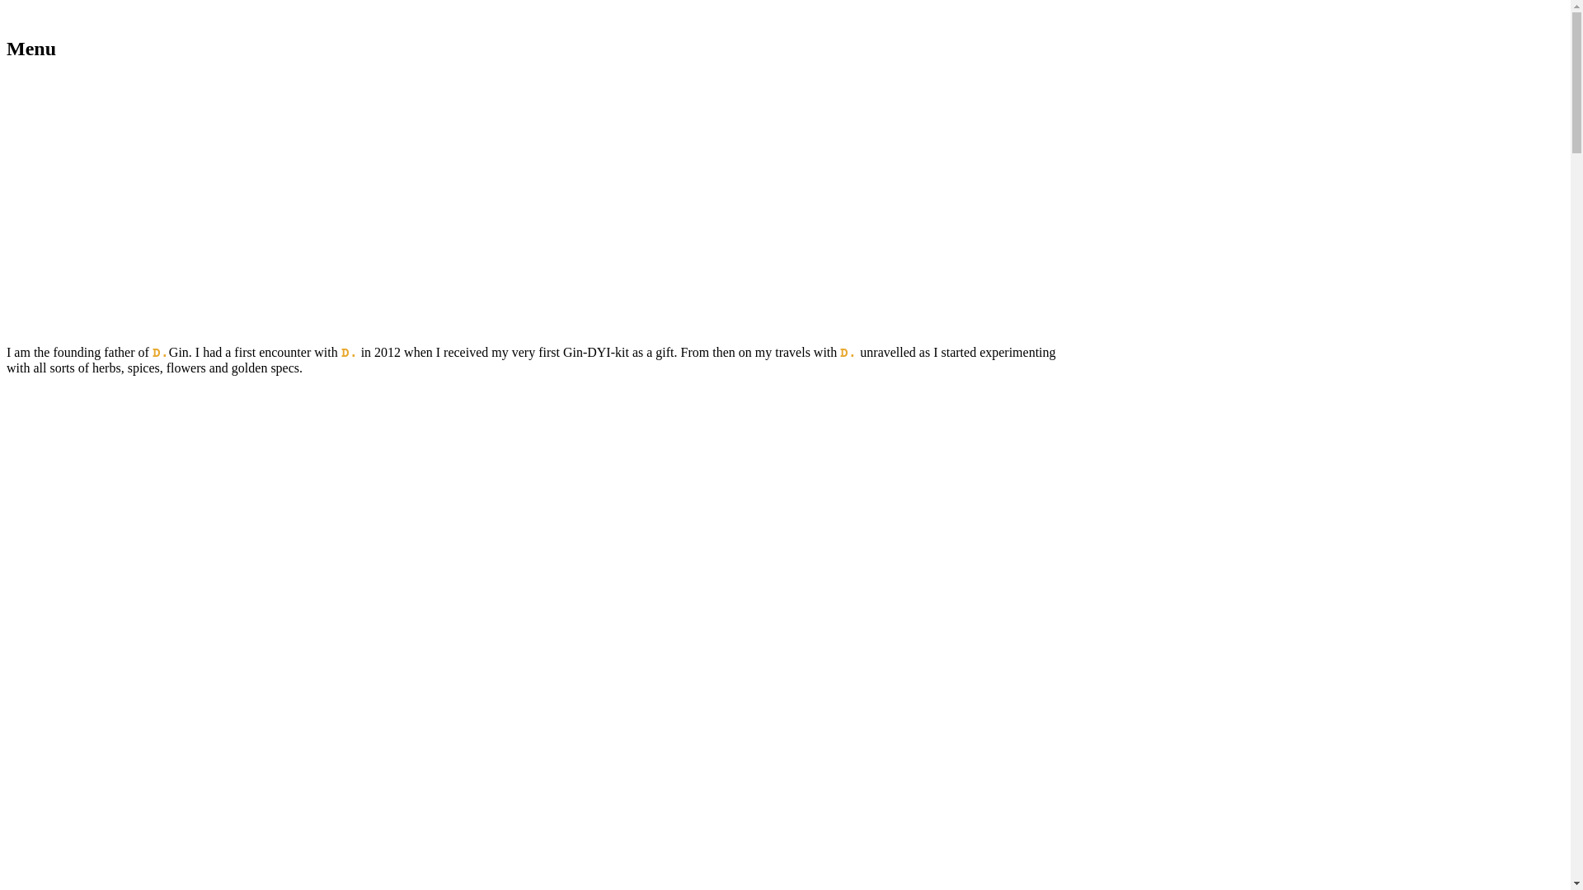 This screenshot has width=1583, height=890. I want to click on 'Skip to content', so click(46, 13).